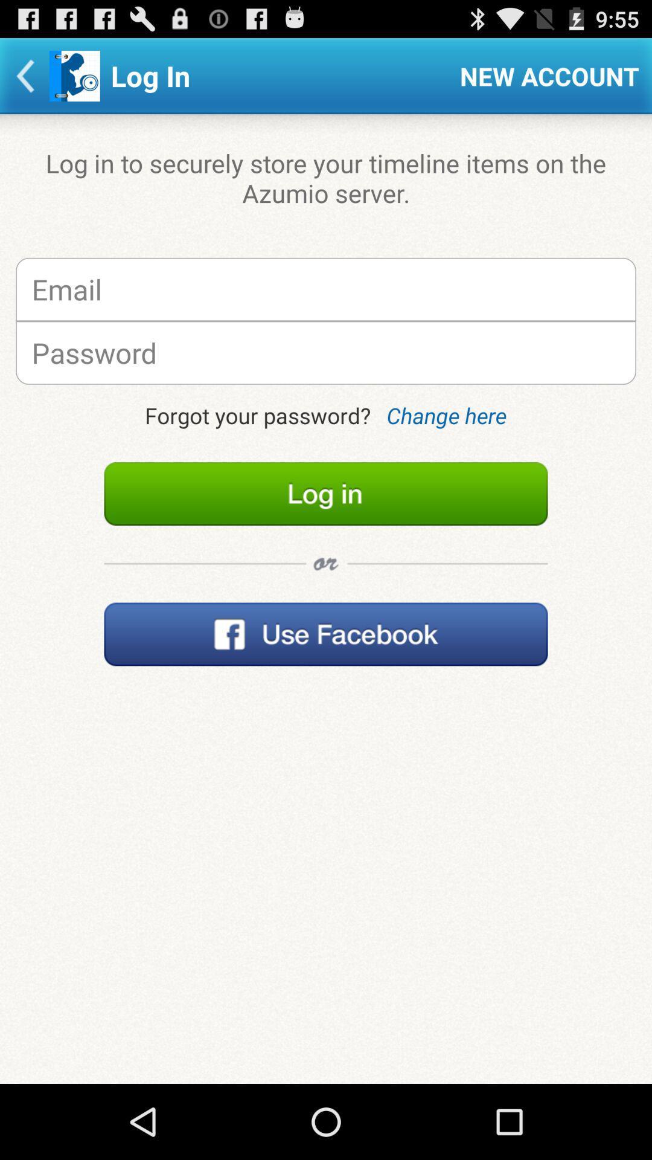 This screenshot has height=1160, width=652. I want to click on fill in the password, so click(326, 352).